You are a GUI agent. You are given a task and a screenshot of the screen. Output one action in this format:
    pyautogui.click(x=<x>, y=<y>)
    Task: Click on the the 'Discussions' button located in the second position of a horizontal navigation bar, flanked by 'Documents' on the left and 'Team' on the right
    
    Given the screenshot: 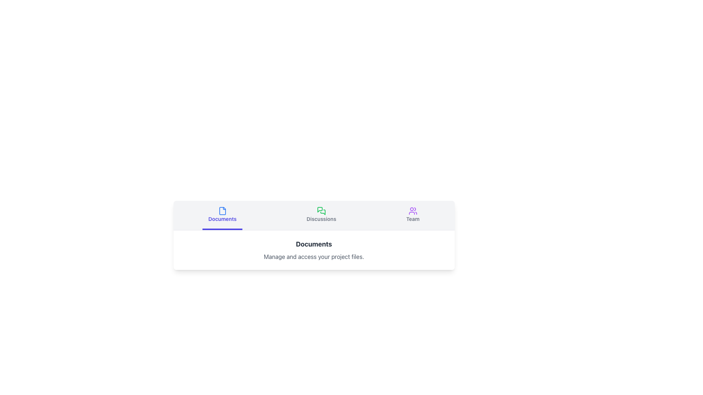 What is the action you would take?
    pyautogui.click(x=321, y=215)
    